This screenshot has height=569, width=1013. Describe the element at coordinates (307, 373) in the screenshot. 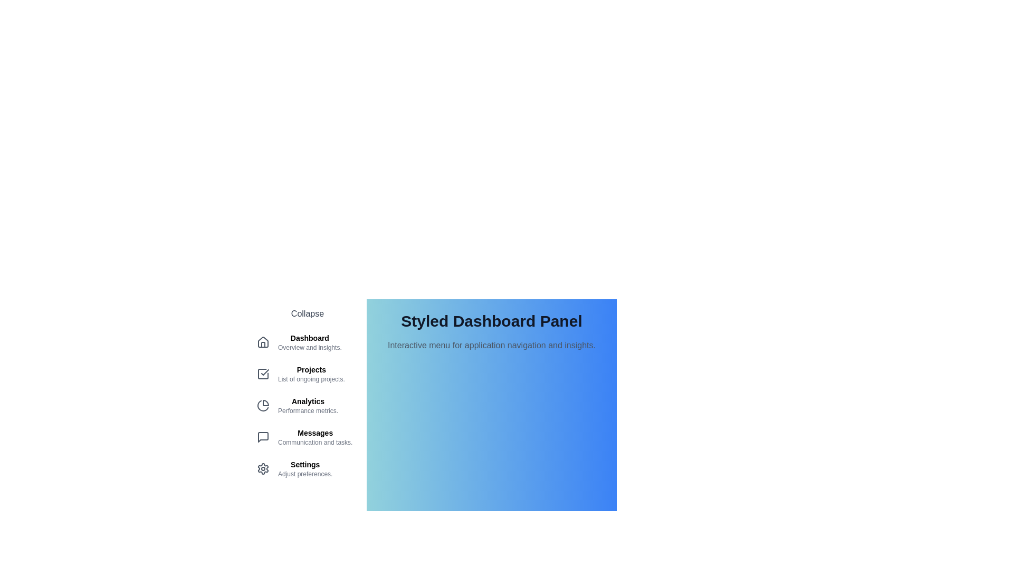

I see `the menu item Projects from the menu` at that location.